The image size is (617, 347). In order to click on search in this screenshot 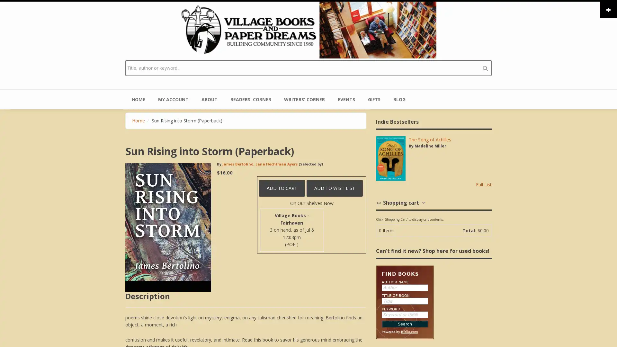, I will do `click(485, 68)`.